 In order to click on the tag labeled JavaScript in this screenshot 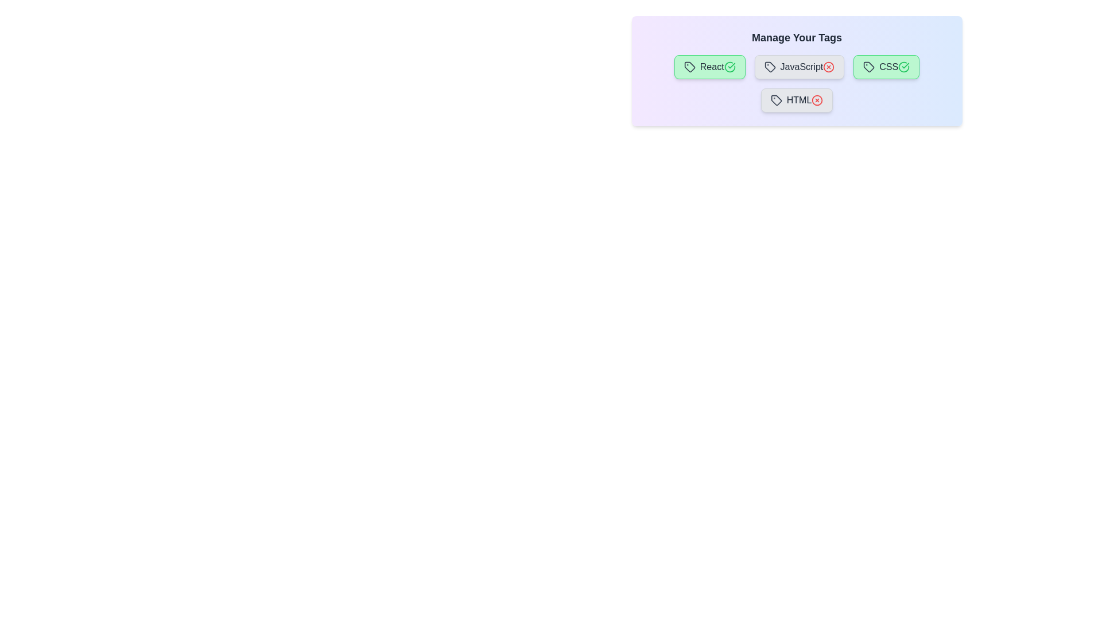, I will do `click(798, 67)`.